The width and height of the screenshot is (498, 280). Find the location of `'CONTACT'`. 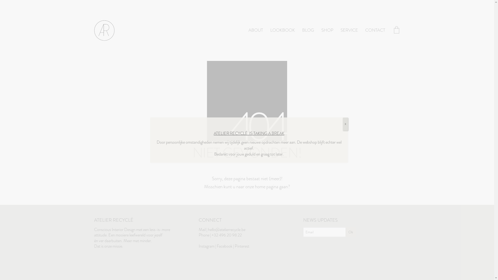

'CONTACT' is located at coordinates (365, 30).